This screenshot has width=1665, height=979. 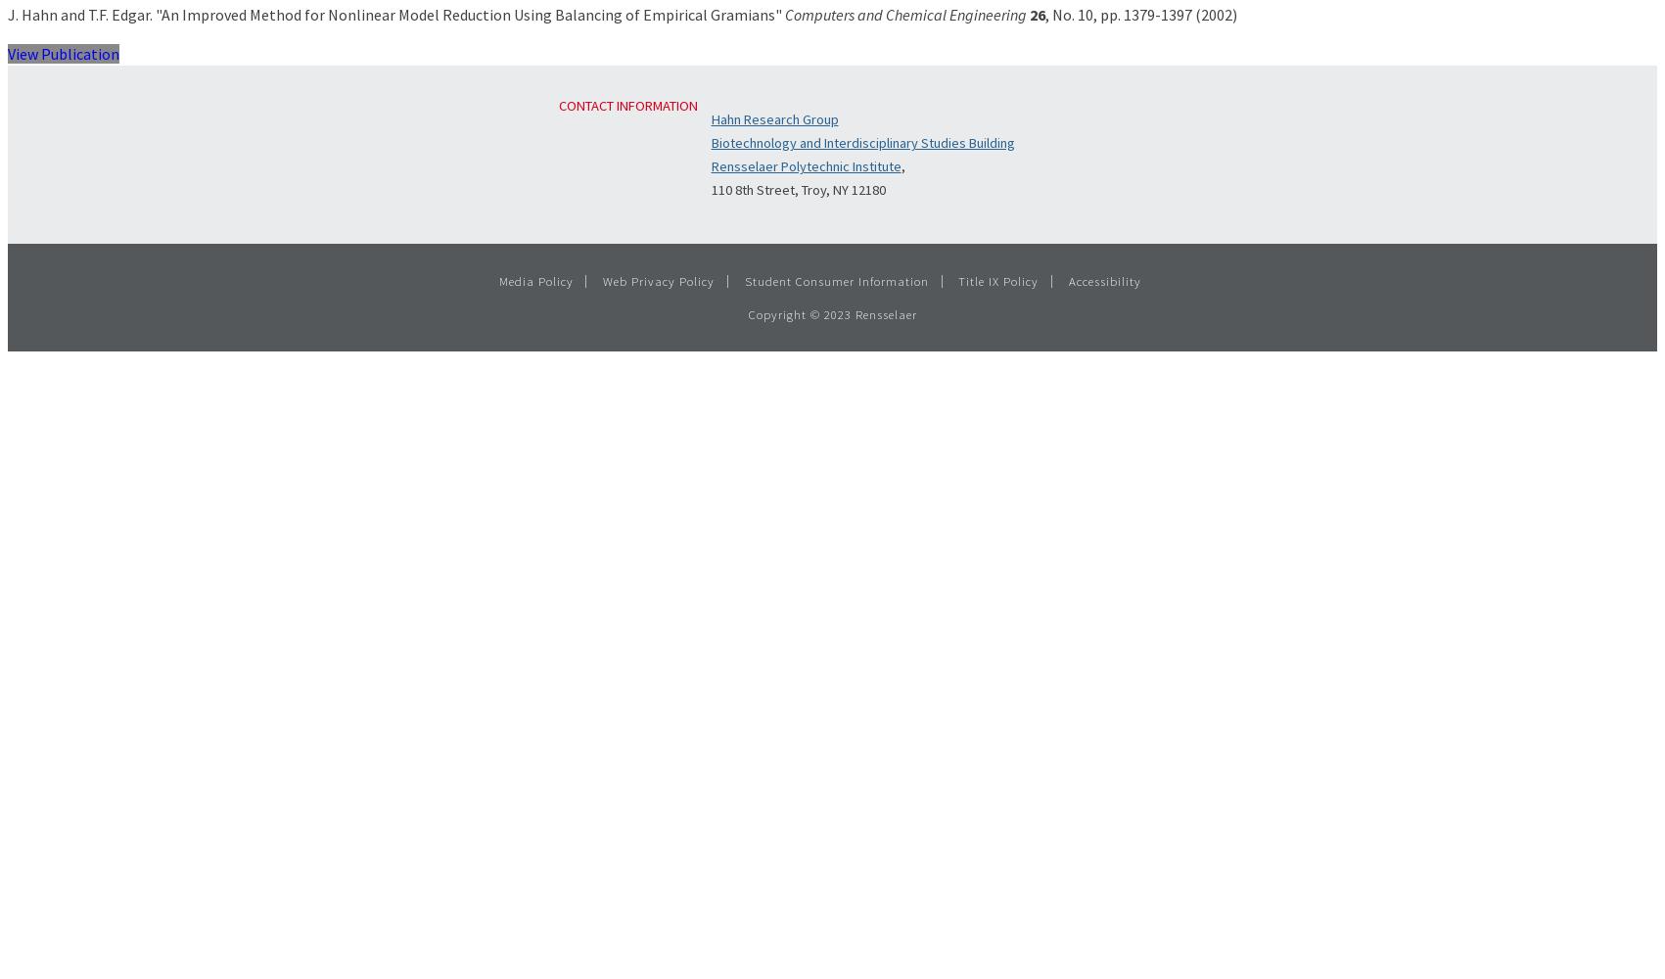 What do you see at coordinates (657, 280) in the screenshot?
I see `'Web Privacy Policy'` at bounding box center [657, 280].